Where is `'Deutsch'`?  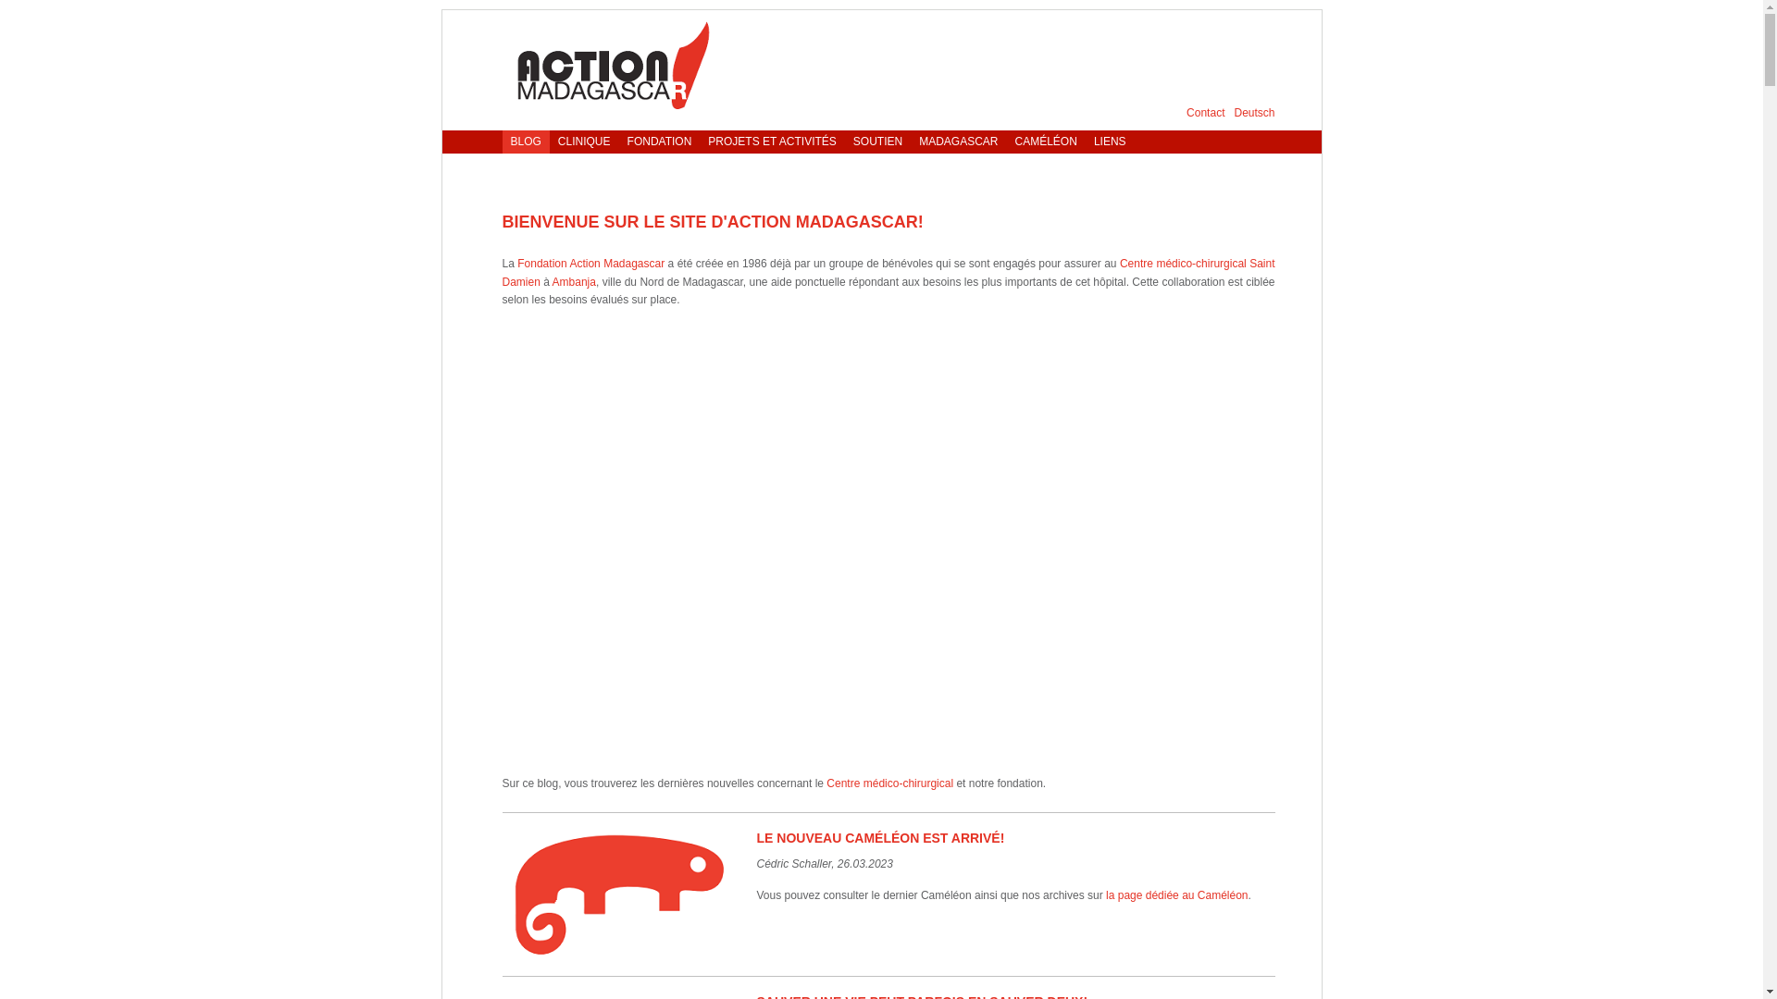
'Deutsch' is located at coordinates (1234, 113).